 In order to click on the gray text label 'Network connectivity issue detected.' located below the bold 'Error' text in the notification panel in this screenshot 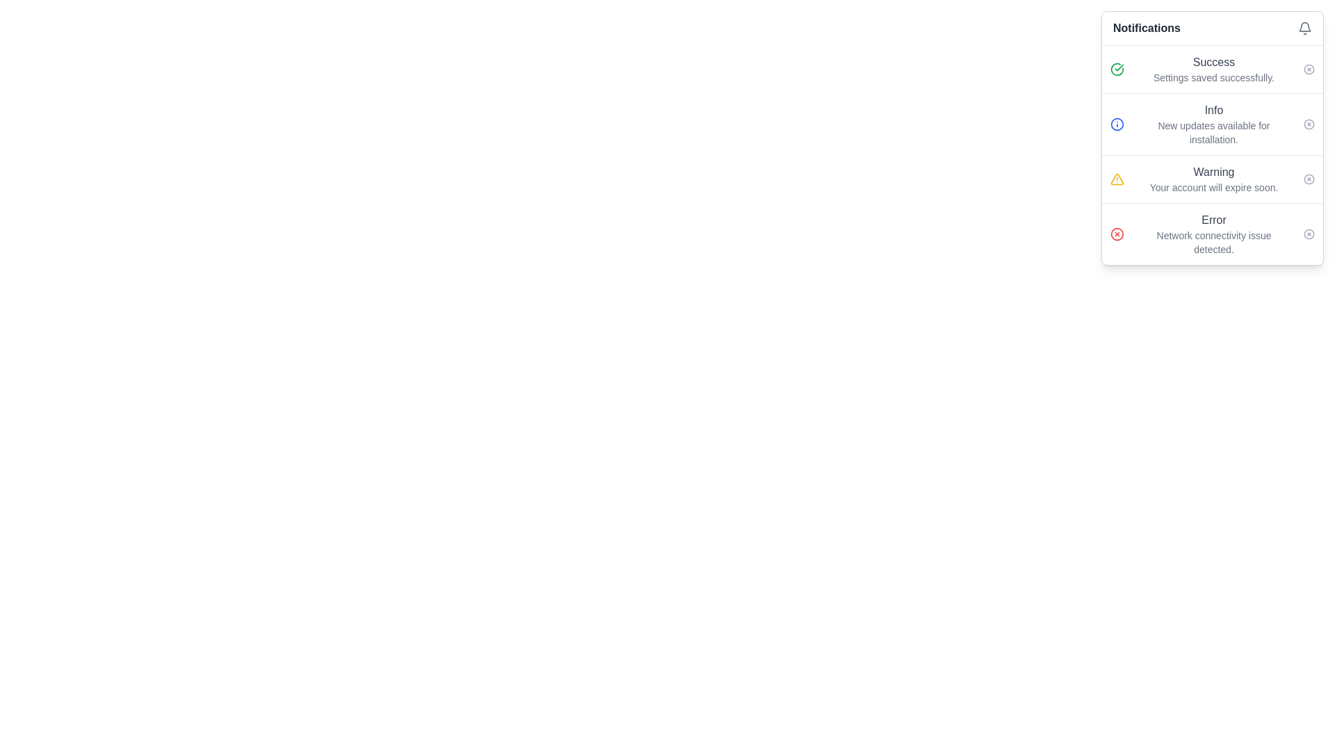, I will do `click(1213, 241)`.